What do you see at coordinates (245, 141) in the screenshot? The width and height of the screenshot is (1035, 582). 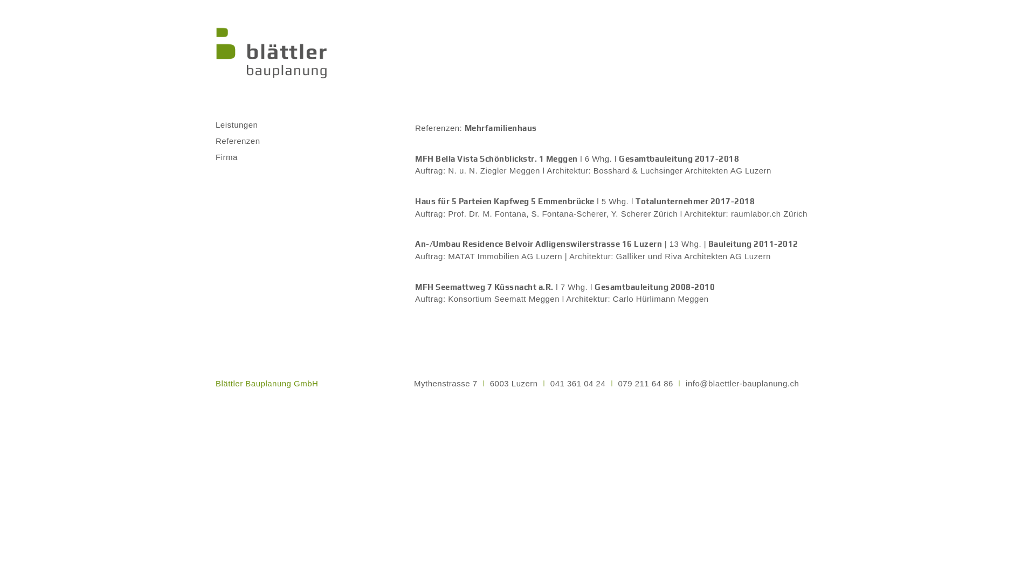 I see `'Referenzen'` at bounding box center [245, 141].